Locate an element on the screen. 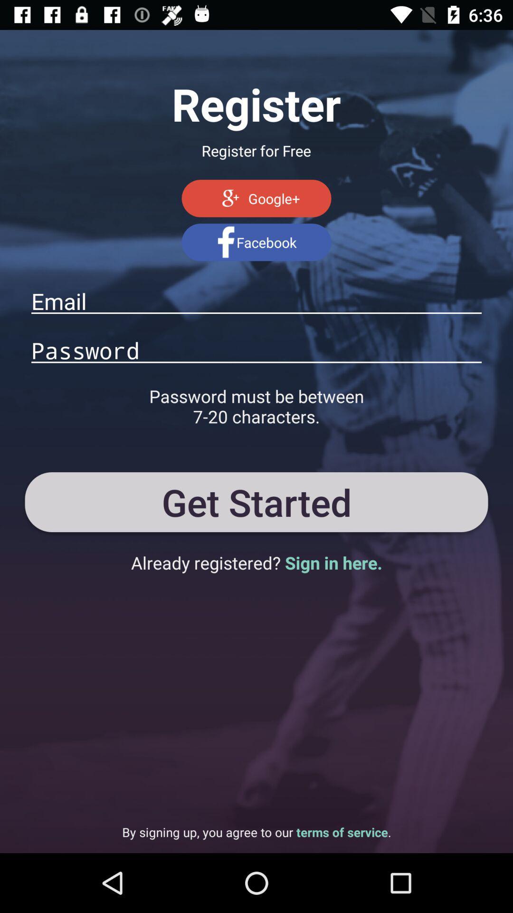  the icon above the already registered sign item is located at coordinates (256, 502).